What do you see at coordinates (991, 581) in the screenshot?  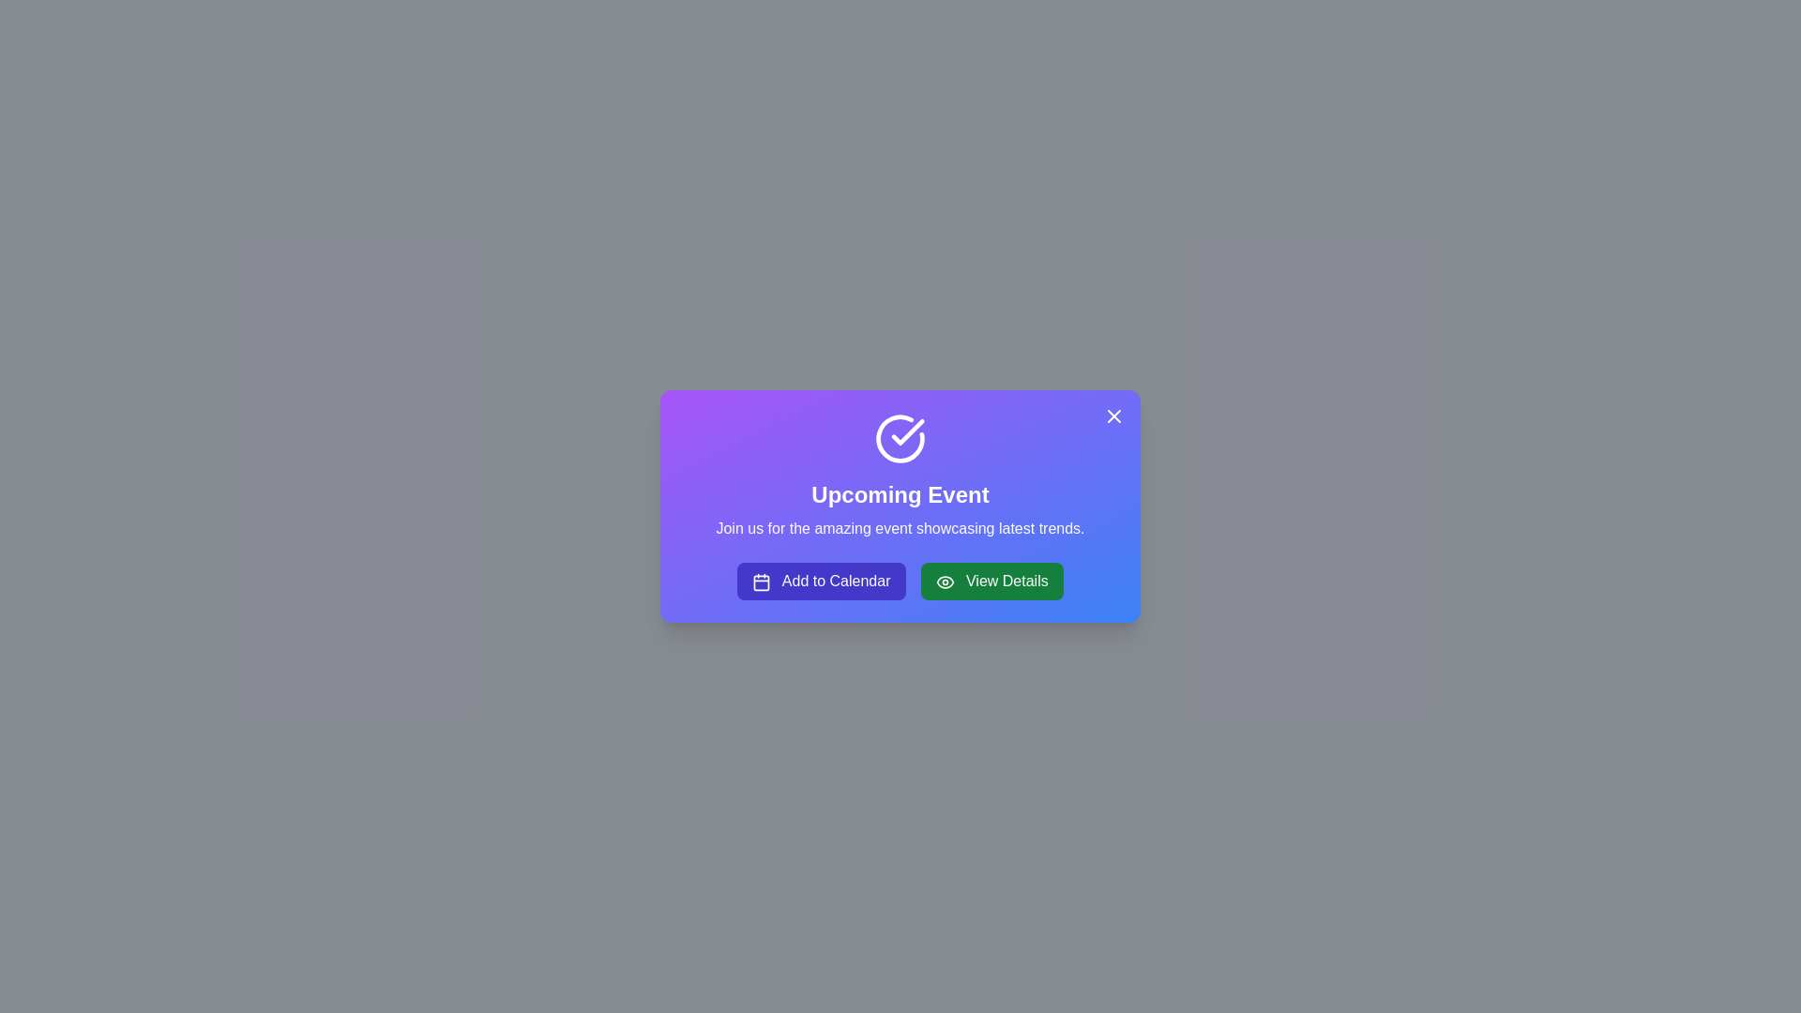 I see `'View Details' button to view more details about the event` at bounding box center [991, 581].